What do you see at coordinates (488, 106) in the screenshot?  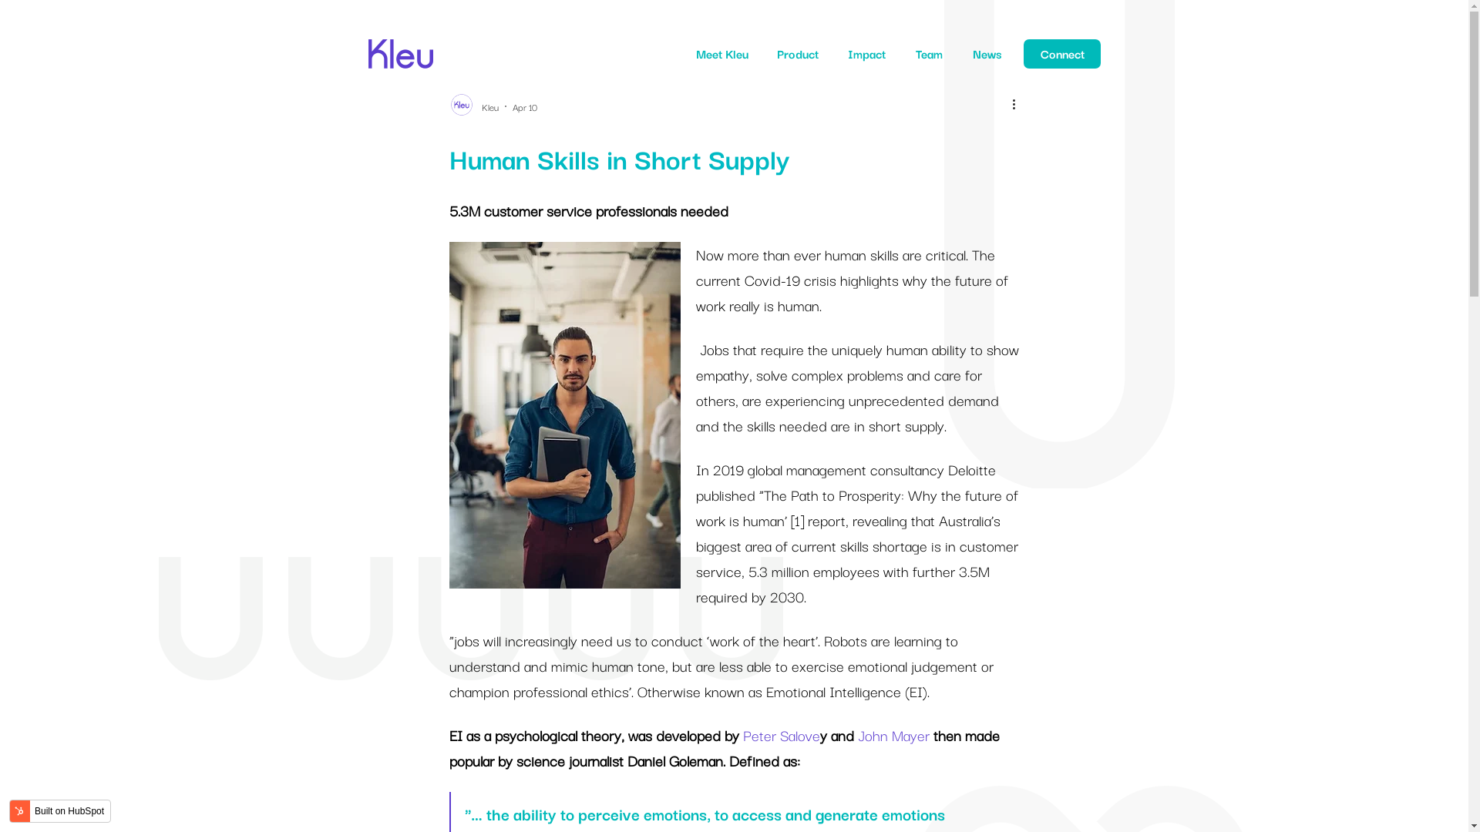 I see `'Kleu'` at bounding box center [488, 106].